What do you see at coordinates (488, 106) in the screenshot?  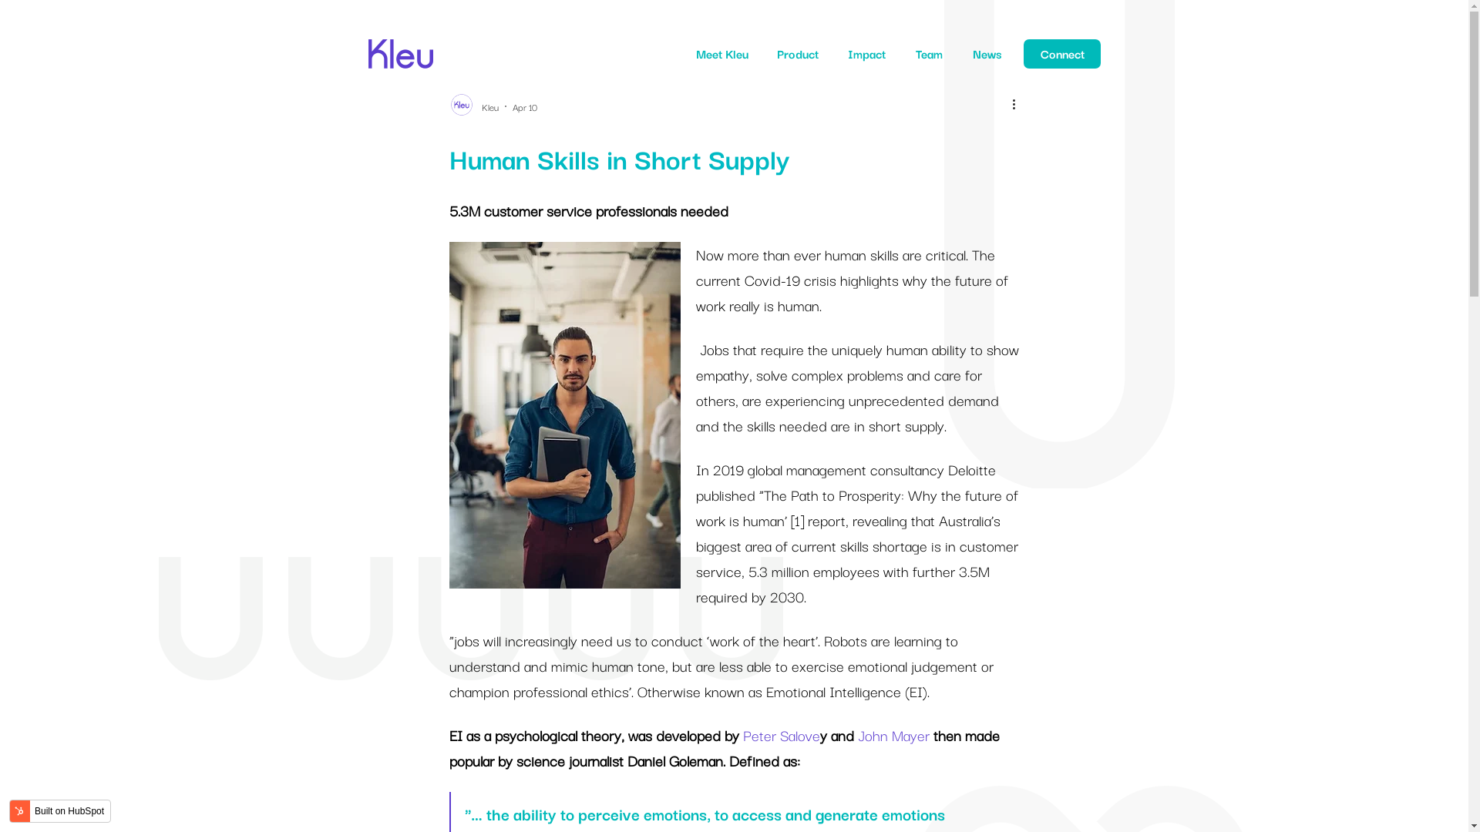 I see `'Kleu'` at bounding box center [488, 106].